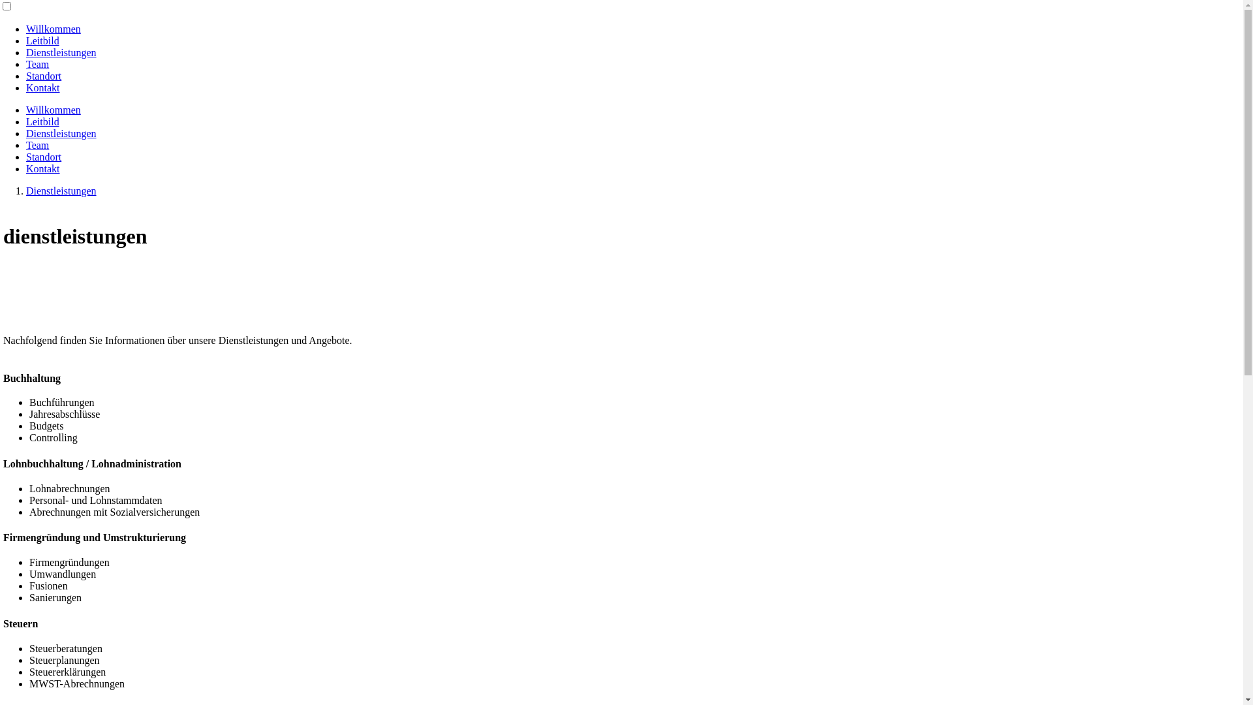  I want to click on 'Willkommen', so click(52, 29).